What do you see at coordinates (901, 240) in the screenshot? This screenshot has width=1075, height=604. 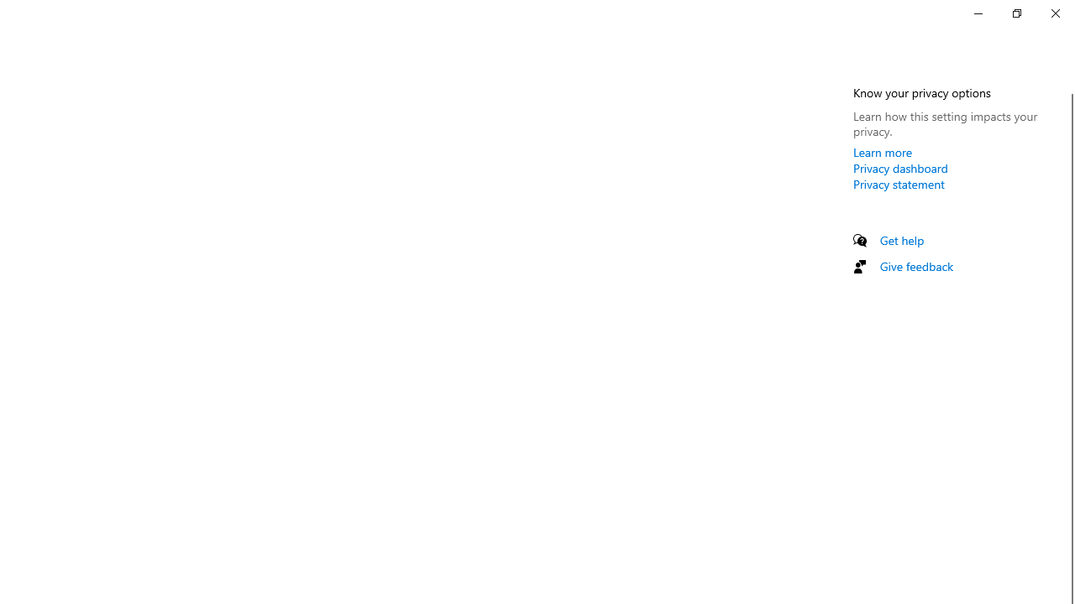 I see `'Get help'` at bounding box center [901, 240].